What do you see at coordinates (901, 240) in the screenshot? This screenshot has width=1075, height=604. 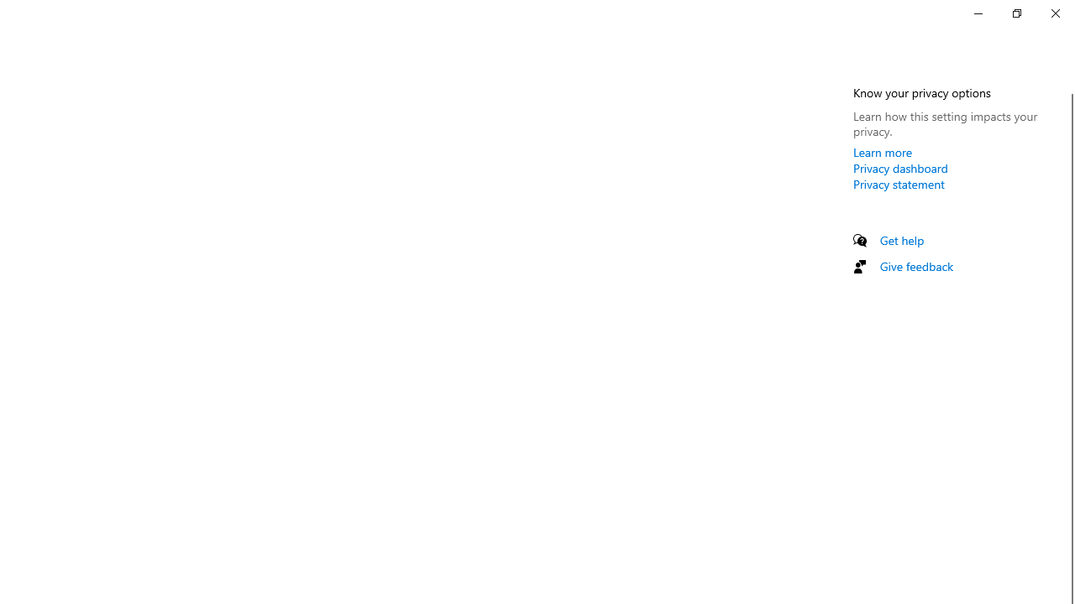 I see `'Get help'` at bounding box center [901, 240].